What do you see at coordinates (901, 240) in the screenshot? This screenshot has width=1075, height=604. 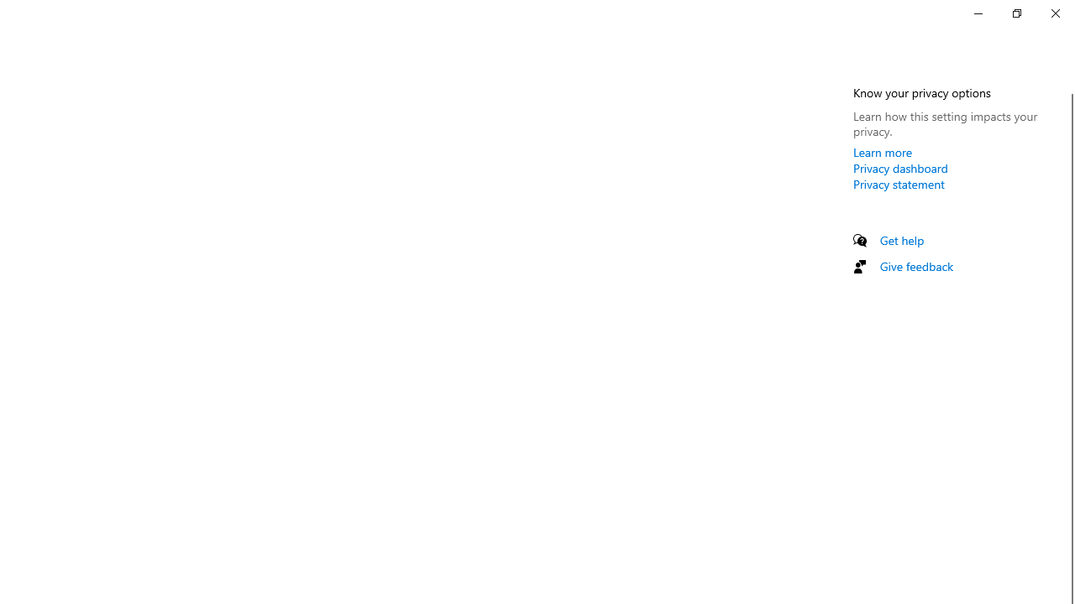 I see `'Get help'` at bounding box center [901, 240].